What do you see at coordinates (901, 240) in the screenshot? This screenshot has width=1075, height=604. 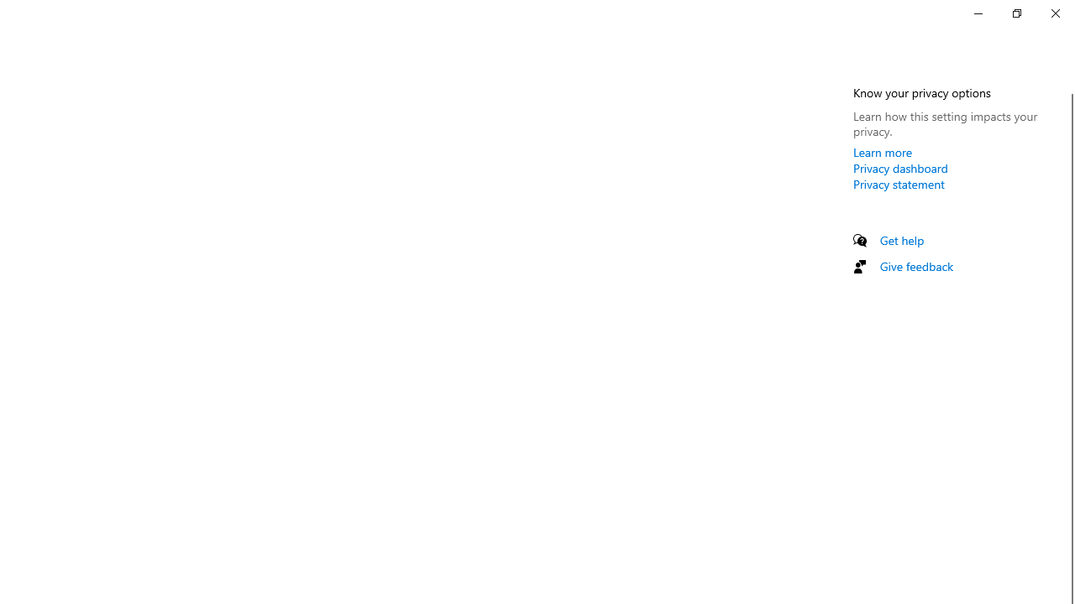 I see `'Get help'` at bounding box center [901, 240].